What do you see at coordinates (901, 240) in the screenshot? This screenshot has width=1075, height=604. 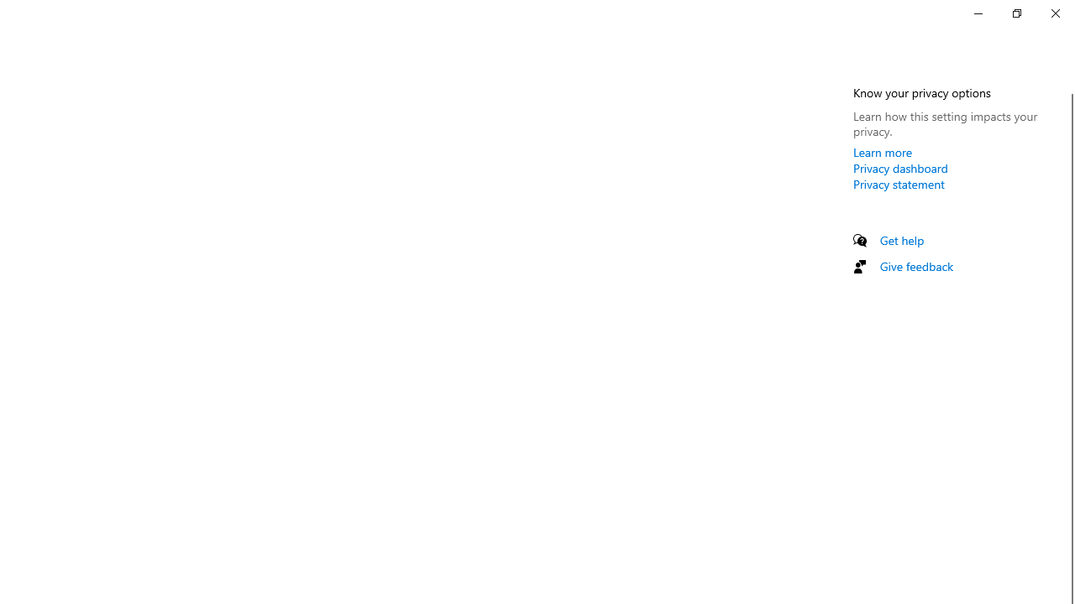 I see `'Get help'` at bounding box center [901, 240].